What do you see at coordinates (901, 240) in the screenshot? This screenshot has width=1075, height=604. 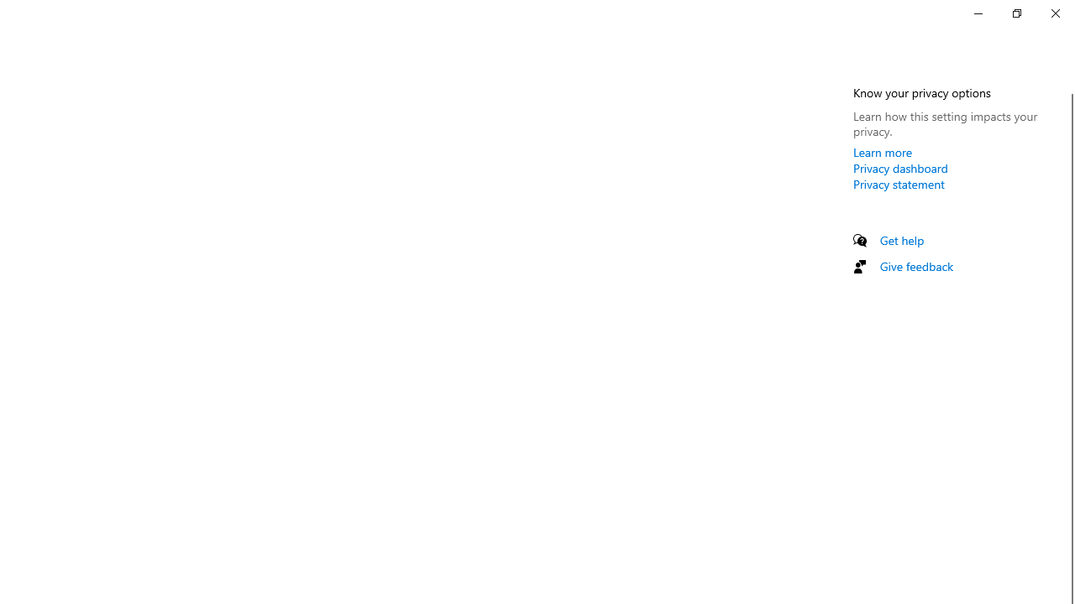 I see `'Get help'` at bounding box center [901, 240].